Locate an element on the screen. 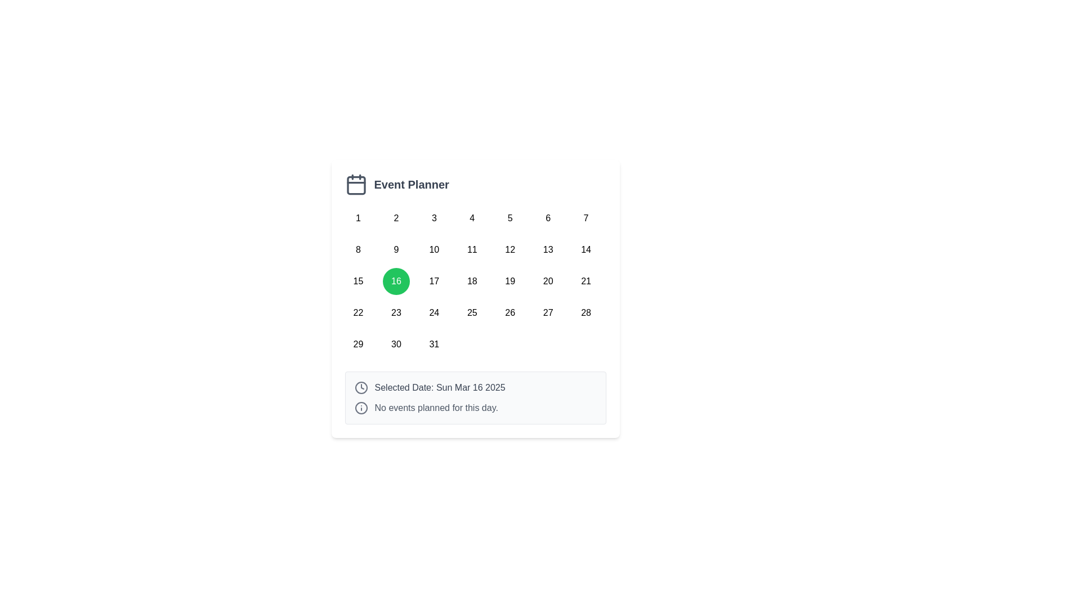  the circular button labeled '24' in the calendar view under the 'Event Planner' header is located at coordinates (434, 312).